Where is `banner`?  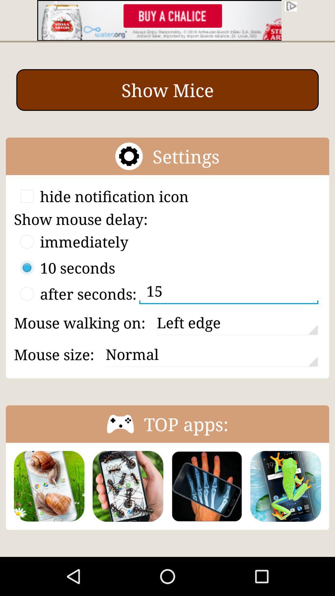
banner is located at coordinates (167, 20).